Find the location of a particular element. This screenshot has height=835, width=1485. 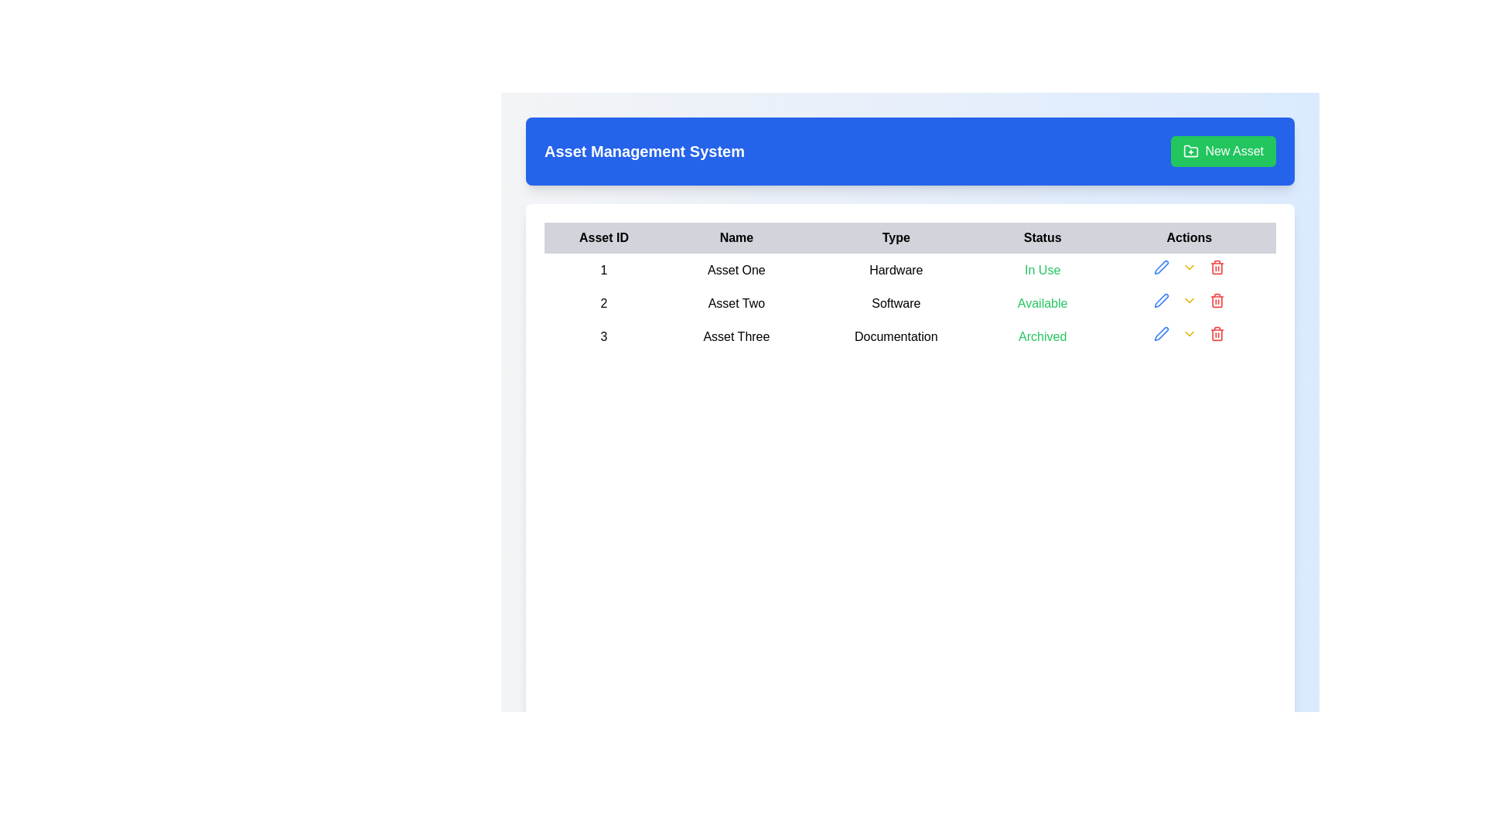

the icon representing an asset folder located on the far right of the blue header bar, adjacent to the 'New Asset' button is located at coordinates (1190, 151).